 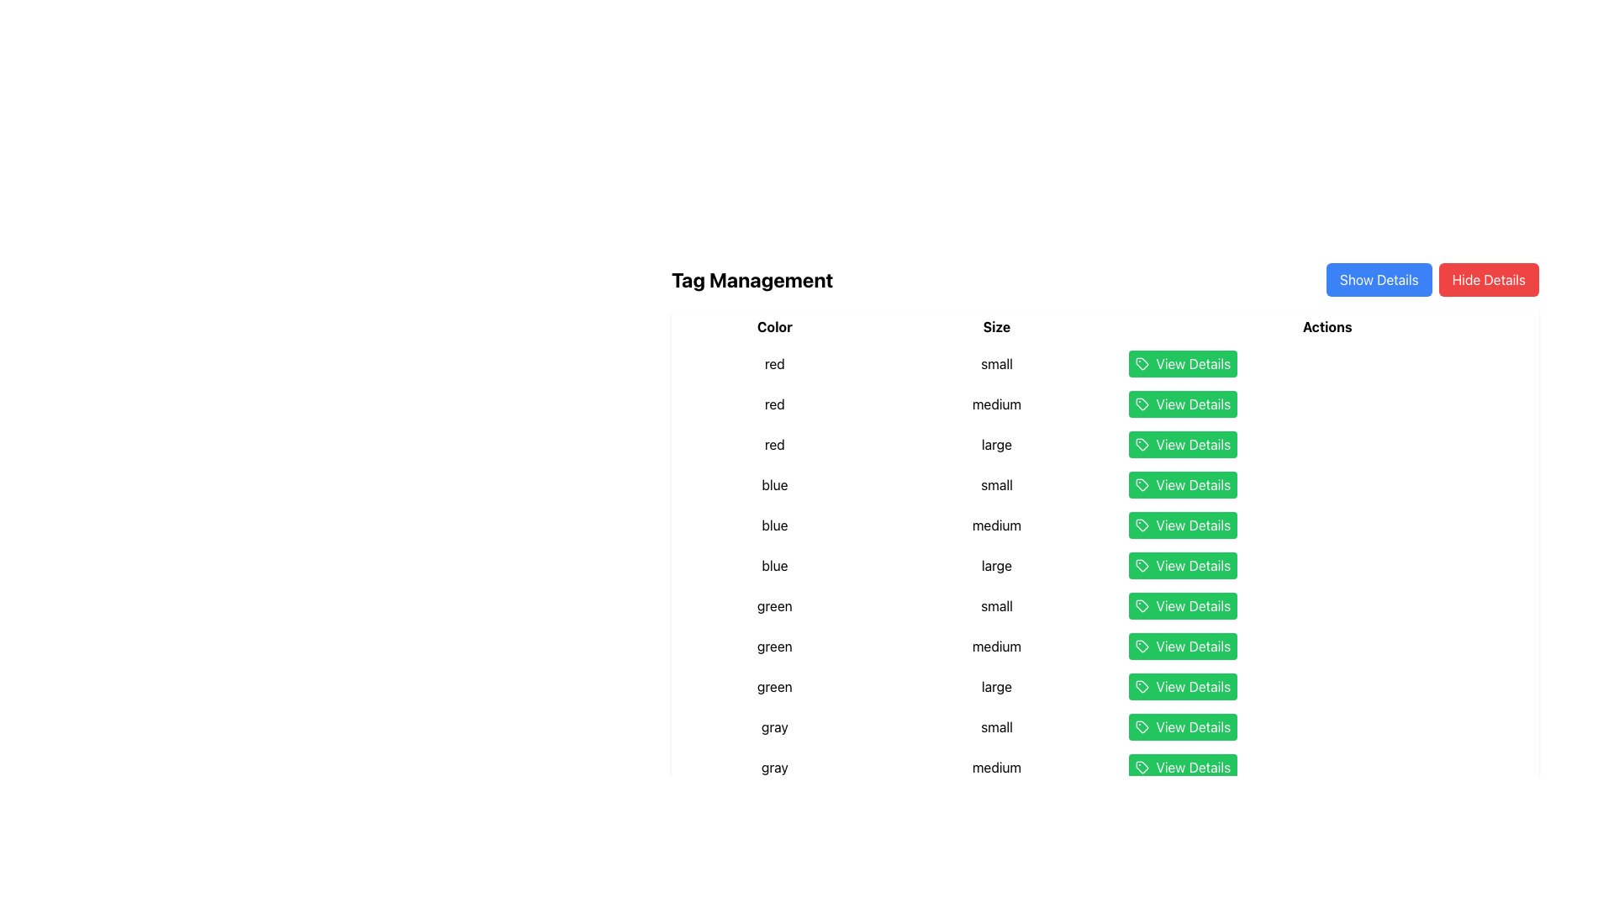 What do you see at coordinates (773, 443) in the screenshot?
I see `the Text Label in the third row of the table under the 'Color' column, which specifies a color value and provides context for related data` at bounding box center [773, 443].